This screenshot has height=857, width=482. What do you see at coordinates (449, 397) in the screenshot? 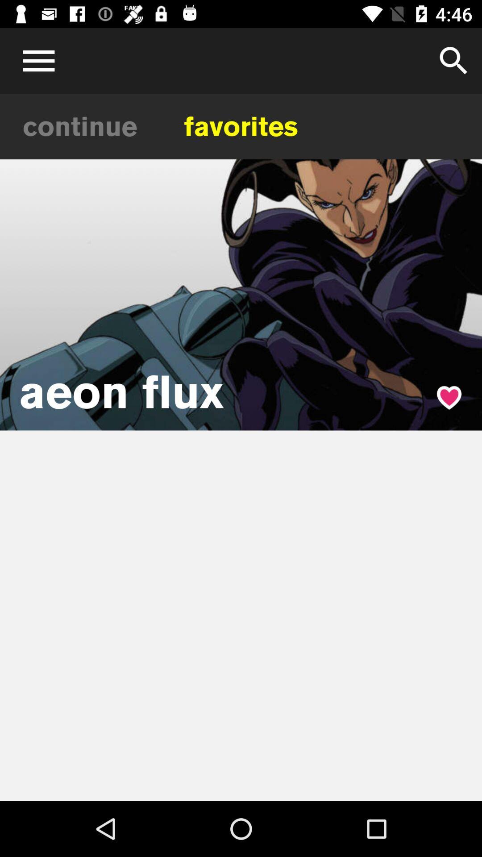
I see `favorite` at bounding box center [449, 397].